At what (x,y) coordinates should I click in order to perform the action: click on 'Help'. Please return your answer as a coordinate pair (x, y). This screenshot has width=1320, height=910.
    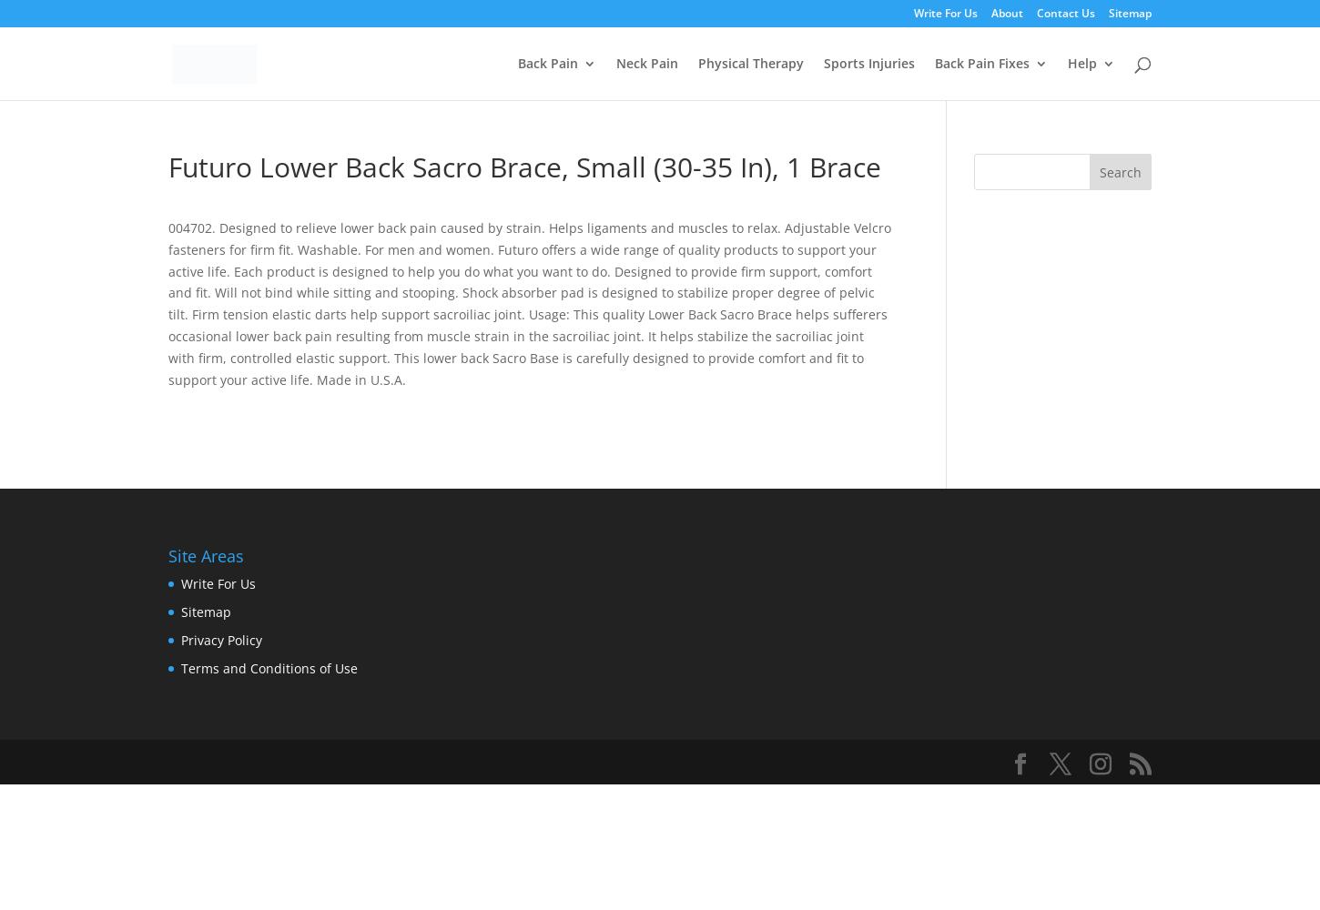
    Looking at the image, I should click on (1081, 62).